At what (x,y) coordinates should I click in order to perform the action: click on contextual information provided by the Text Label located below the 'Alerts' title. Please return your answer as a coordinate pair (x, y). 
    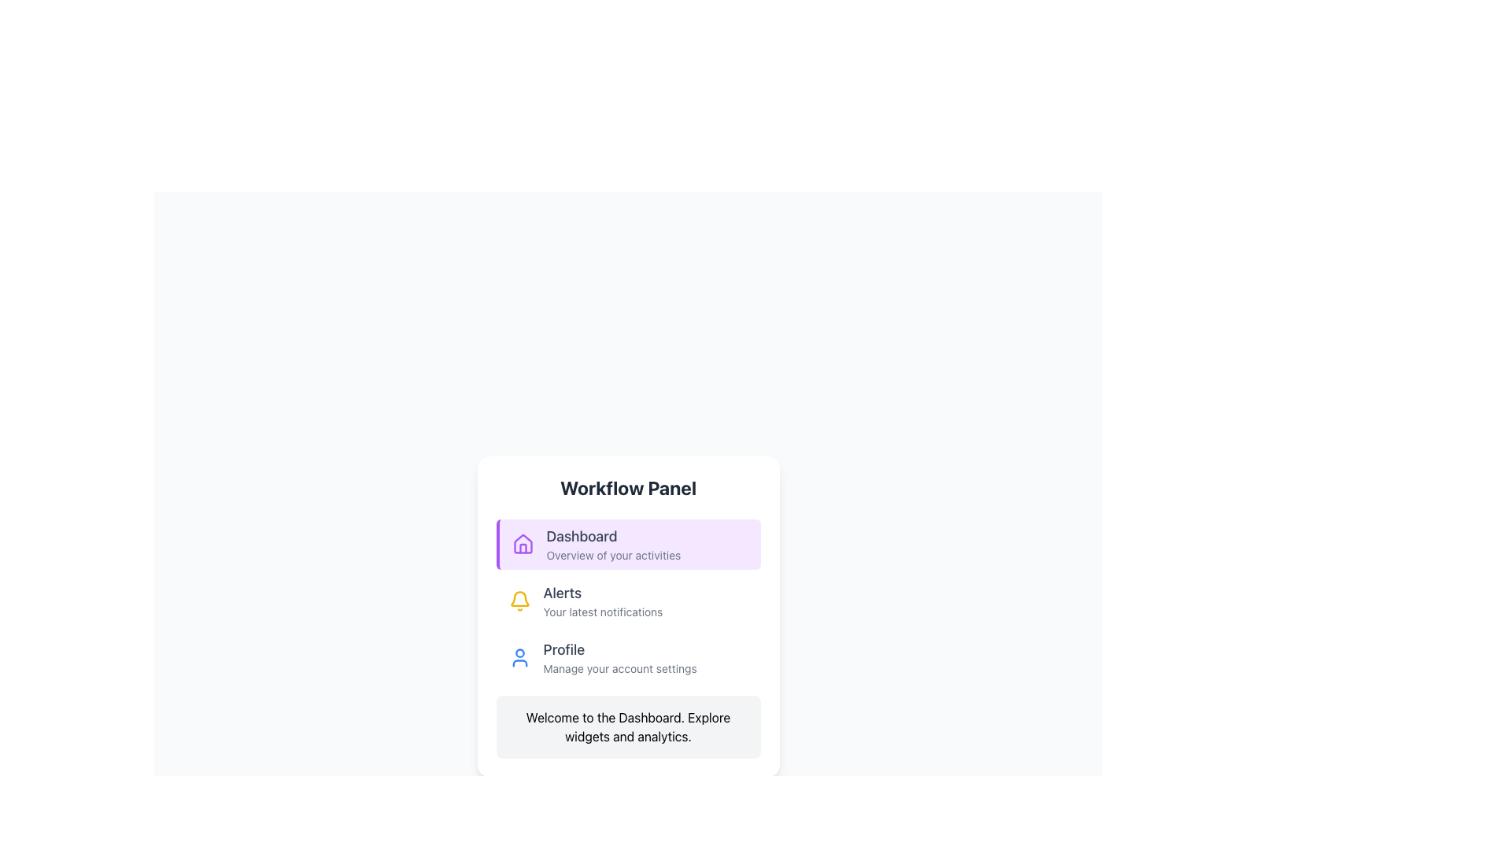
    Looking at the image, I should click on (602, 612).